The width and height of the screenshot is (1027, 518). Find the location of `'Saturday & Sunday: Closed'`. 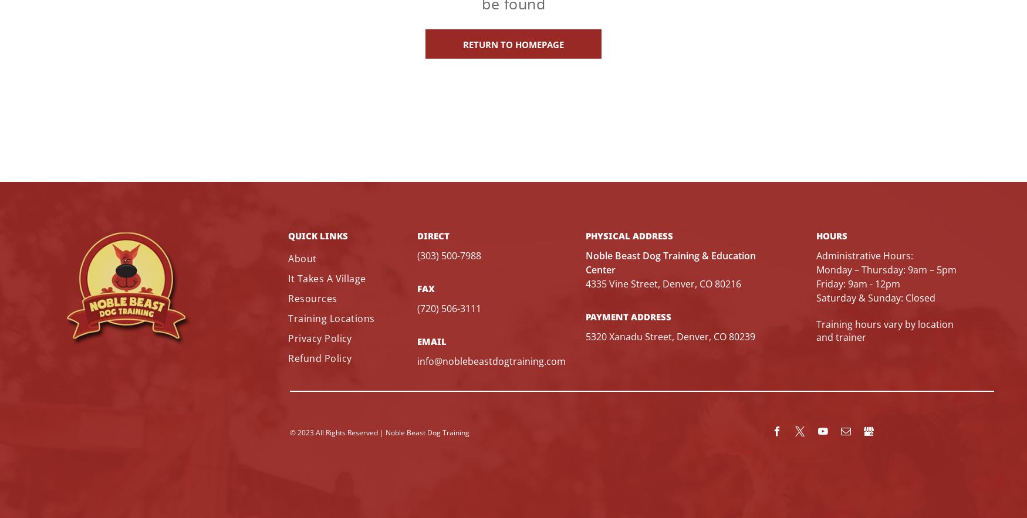

'Saturday & Sunday: Closed' is located at coordinates (876, 297).